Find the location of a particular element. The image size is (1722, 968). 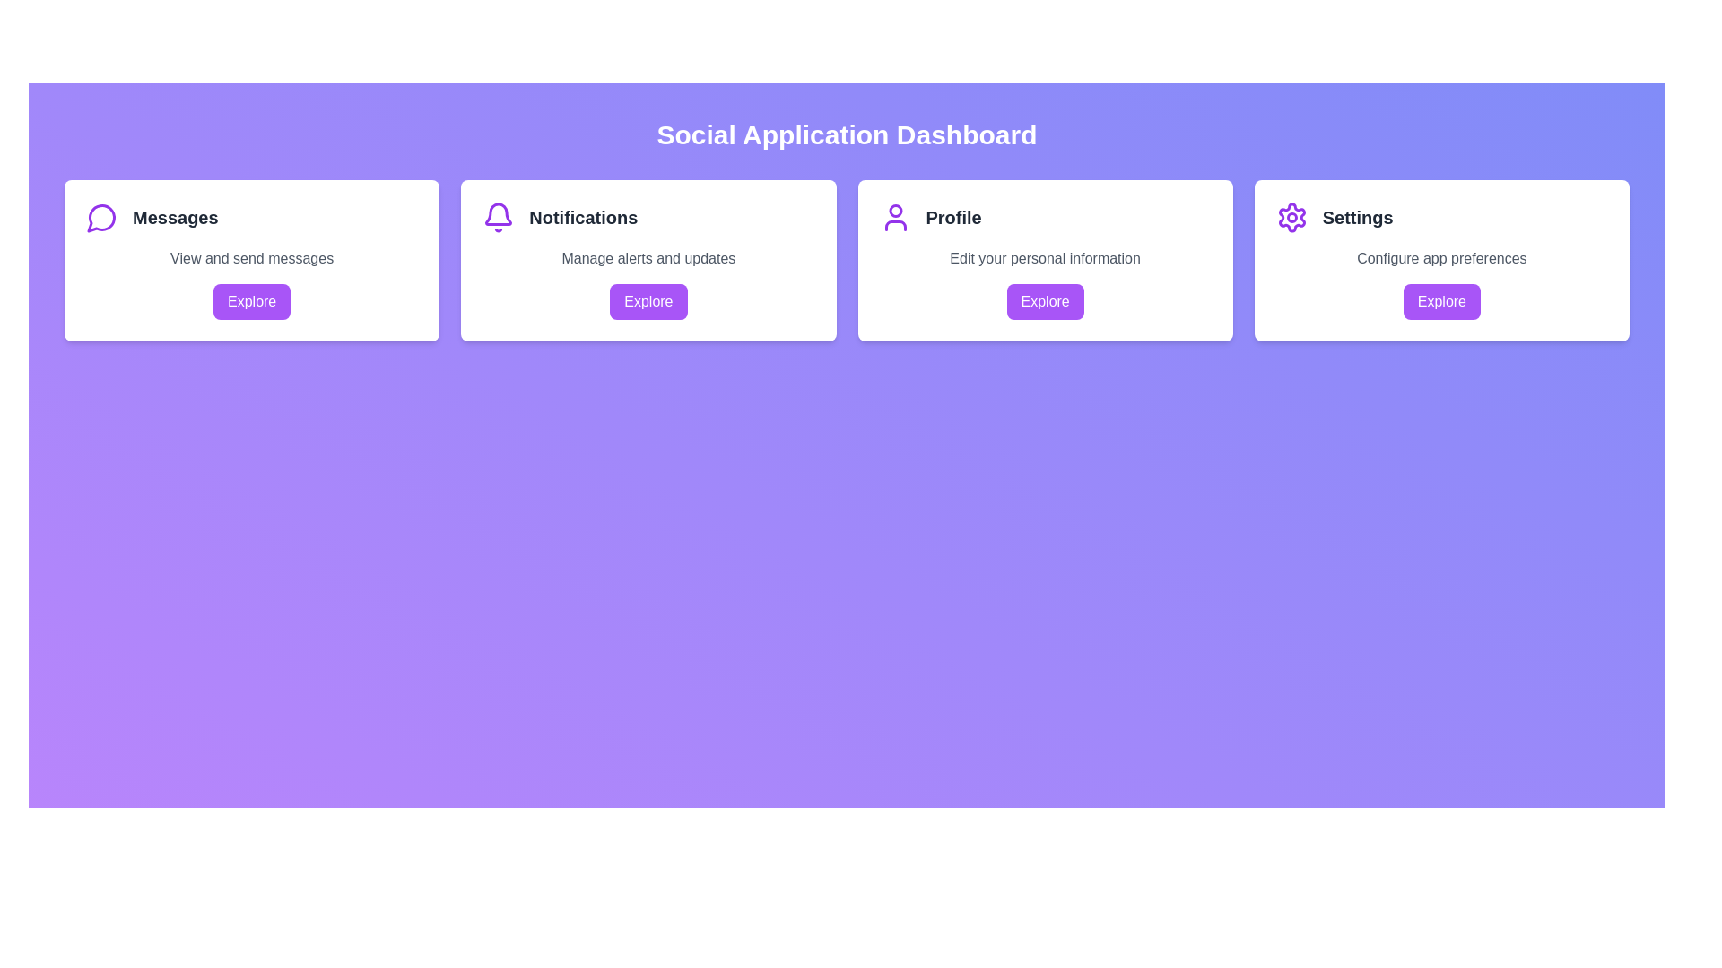

the button located at the bottom of the 'Settings' card, which is labeled 'Configure app preferences' is located at coordinates (1441, 300).